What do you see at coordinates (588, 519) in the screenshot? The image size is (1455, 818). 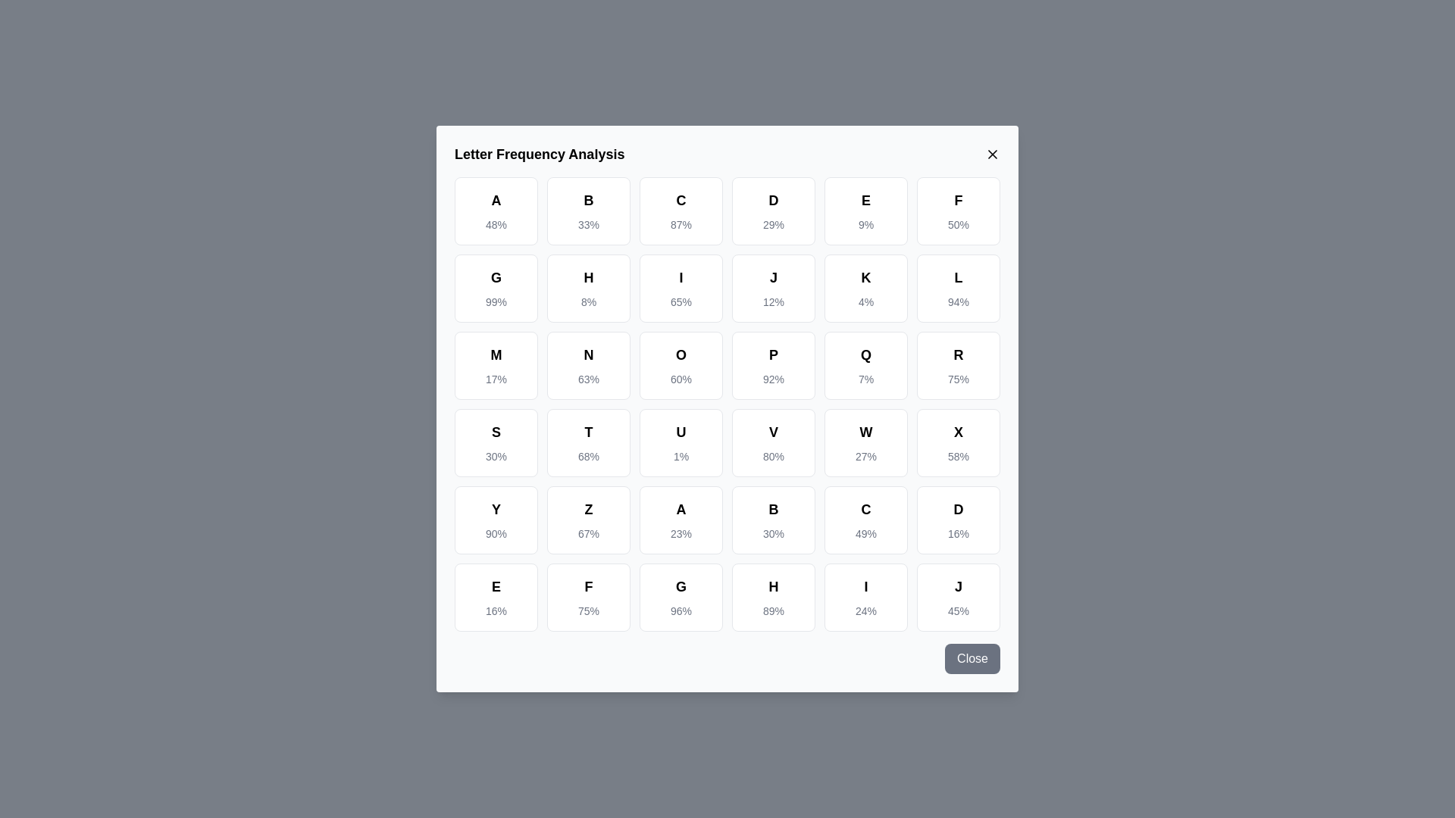 I see `the letter cell corresponding to Z` at bounding box center [588, 519].